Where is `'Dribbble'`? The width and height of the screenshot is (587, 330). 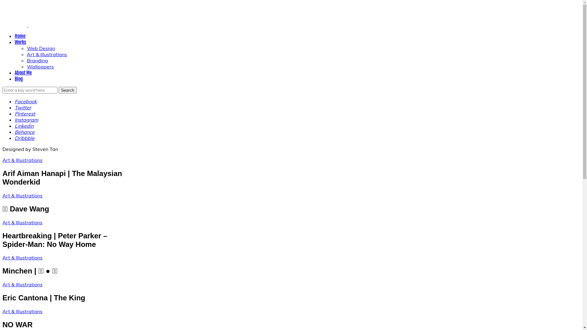 'Dribbble' is located at coordinates (24, 138).